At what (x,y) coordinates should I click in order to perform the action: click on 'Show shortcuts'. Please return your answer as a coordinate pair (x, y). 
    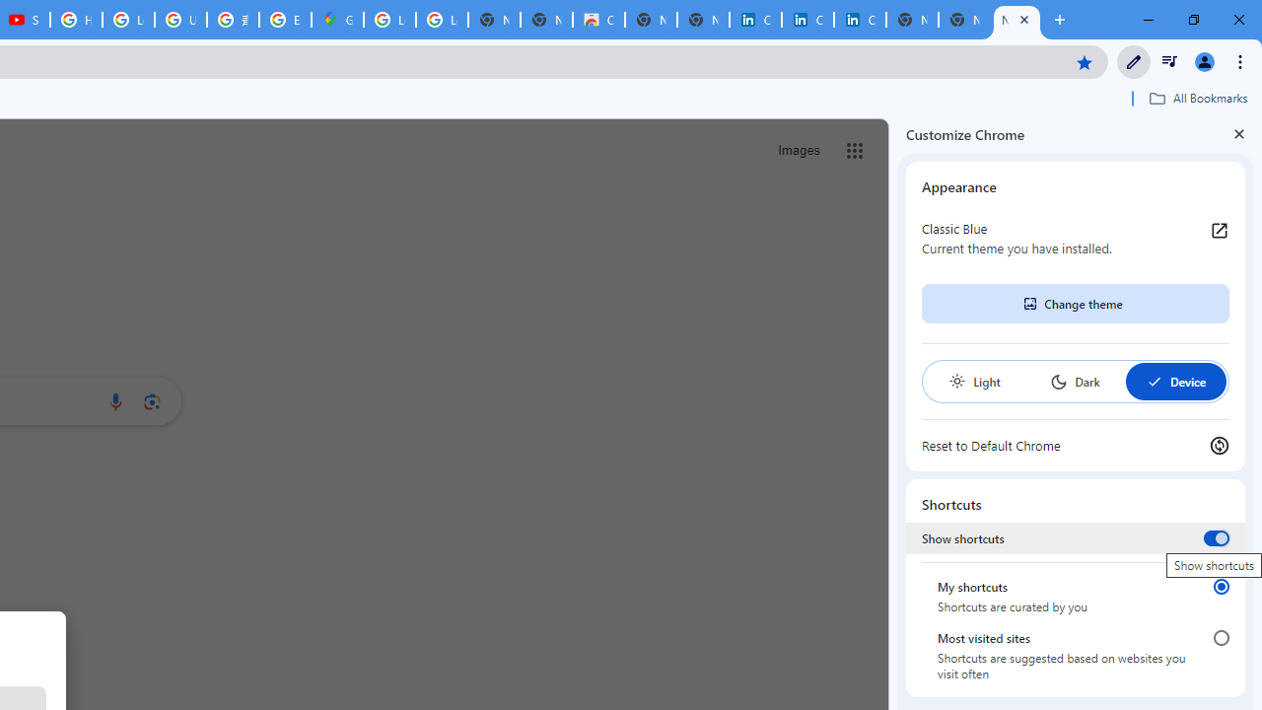
    Looking at the image, I should click on (1215, 537).